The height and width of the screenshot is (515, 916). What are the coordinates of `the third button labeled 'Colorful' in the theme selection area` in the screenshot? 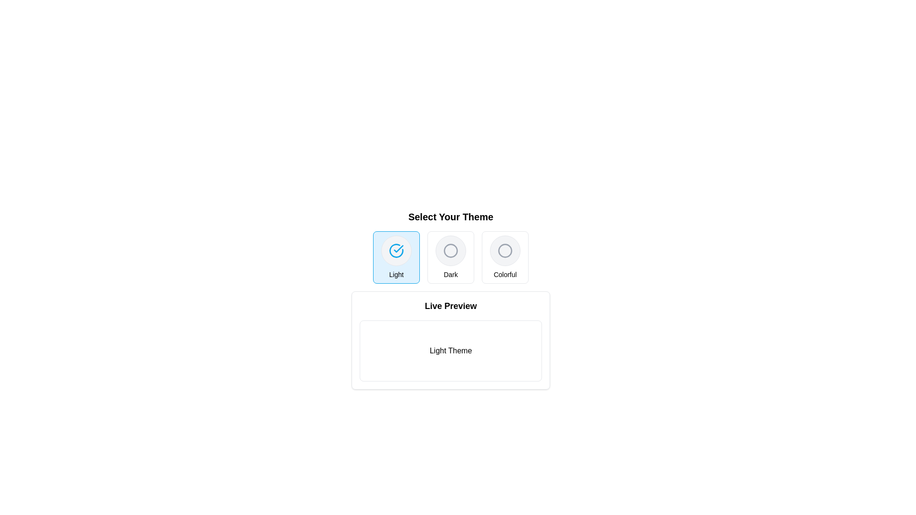 It's located at (505, 257).